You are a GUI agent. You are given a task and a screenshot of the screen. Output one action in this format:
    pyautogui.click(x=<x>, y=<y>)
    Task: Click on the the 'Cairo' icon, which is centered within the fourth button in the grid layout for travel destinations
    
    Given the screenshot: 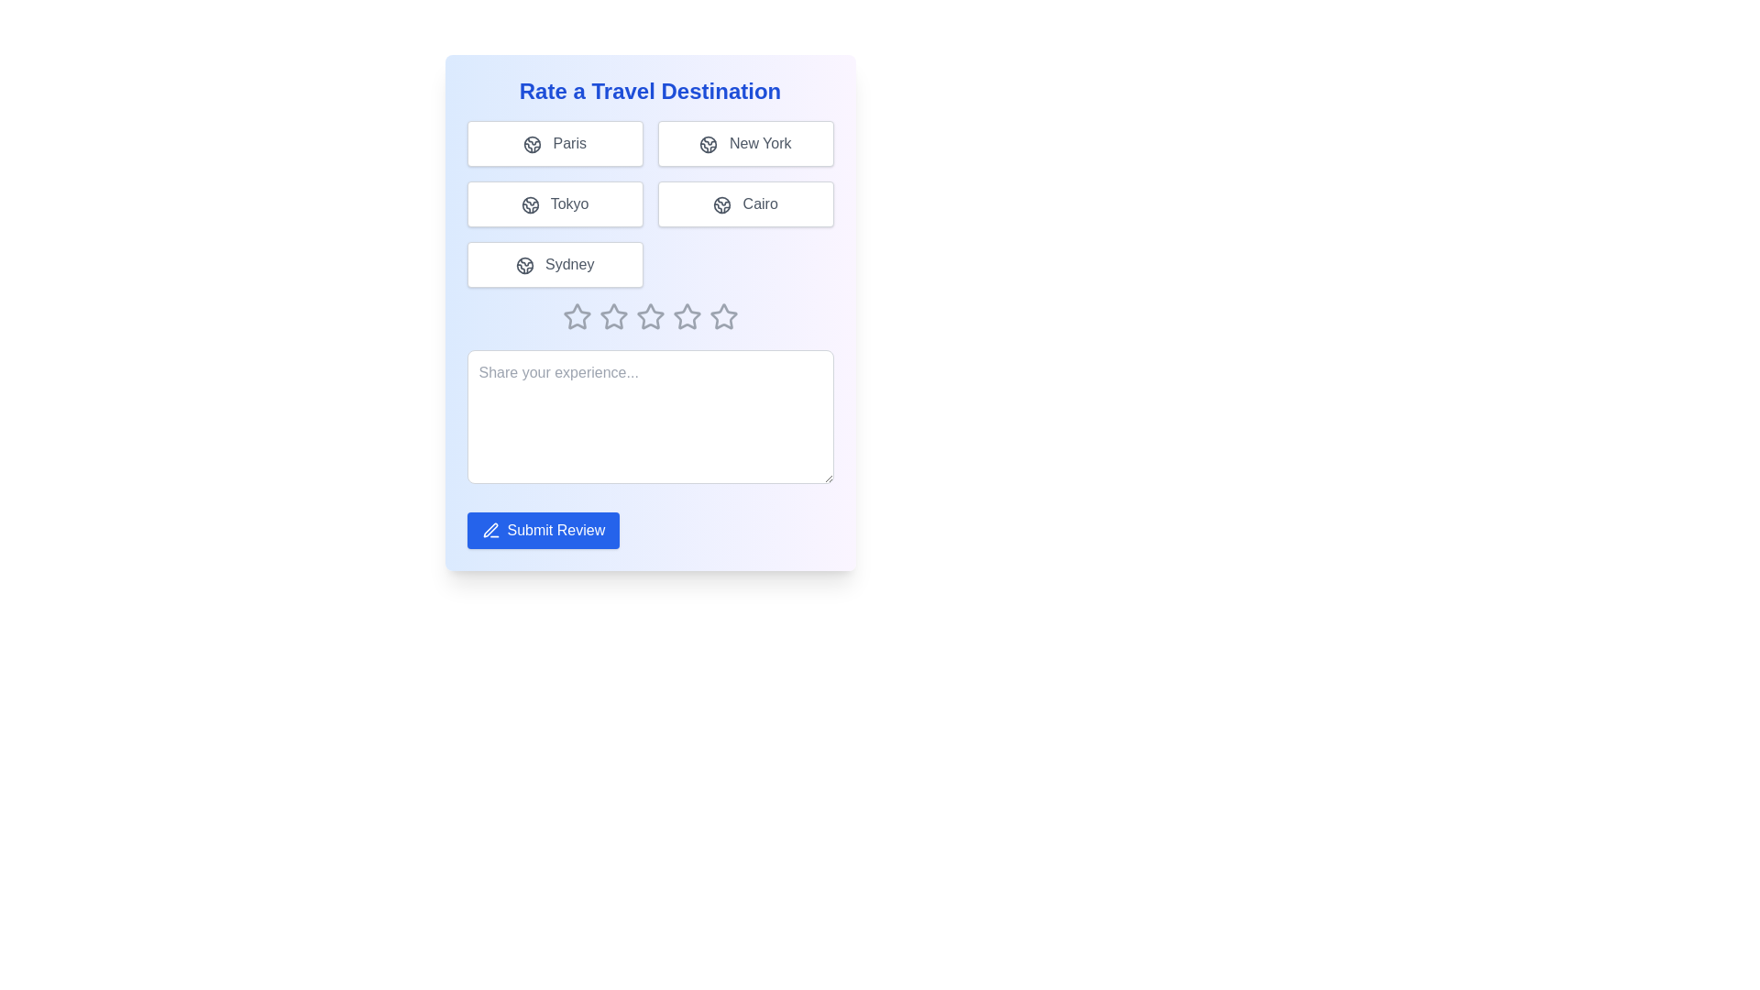 What is the action you would take?
    pyautogui.click(x=721, y=204)
    